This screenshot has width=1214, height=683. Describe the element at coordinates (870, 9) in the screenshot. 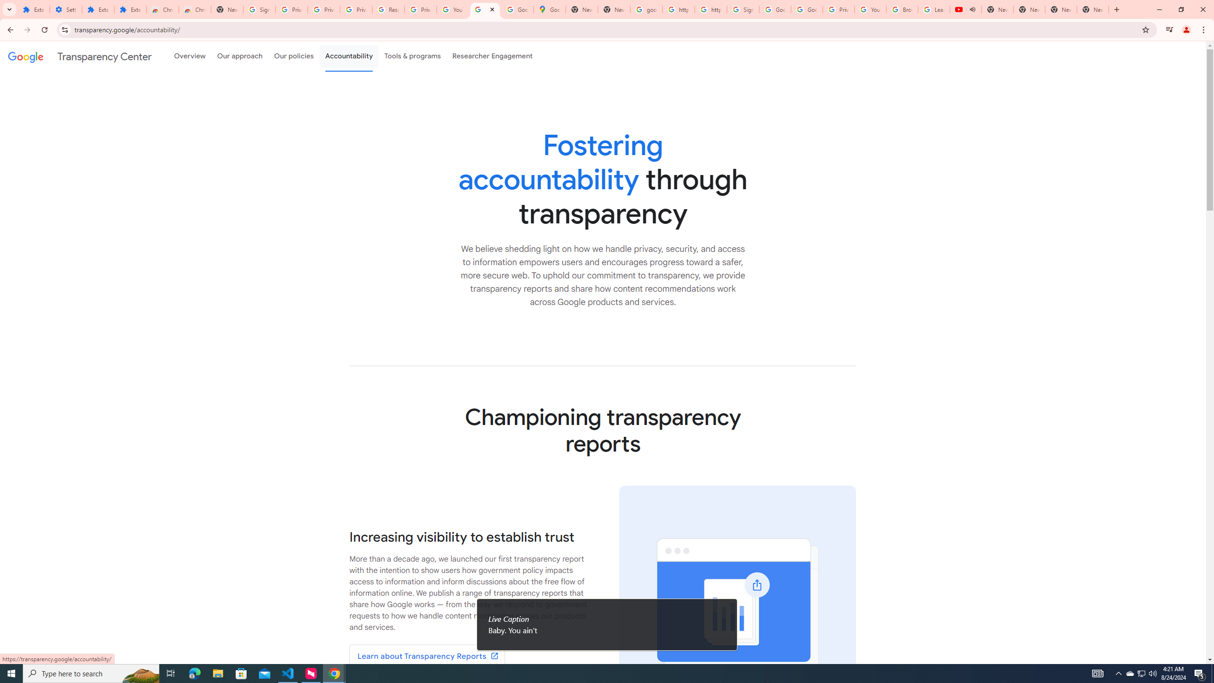

I see `'YouTube'` at that location.